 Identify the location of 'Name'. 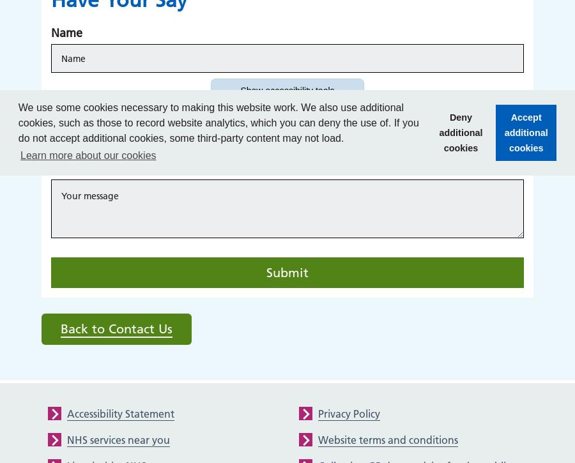
(50, 32).